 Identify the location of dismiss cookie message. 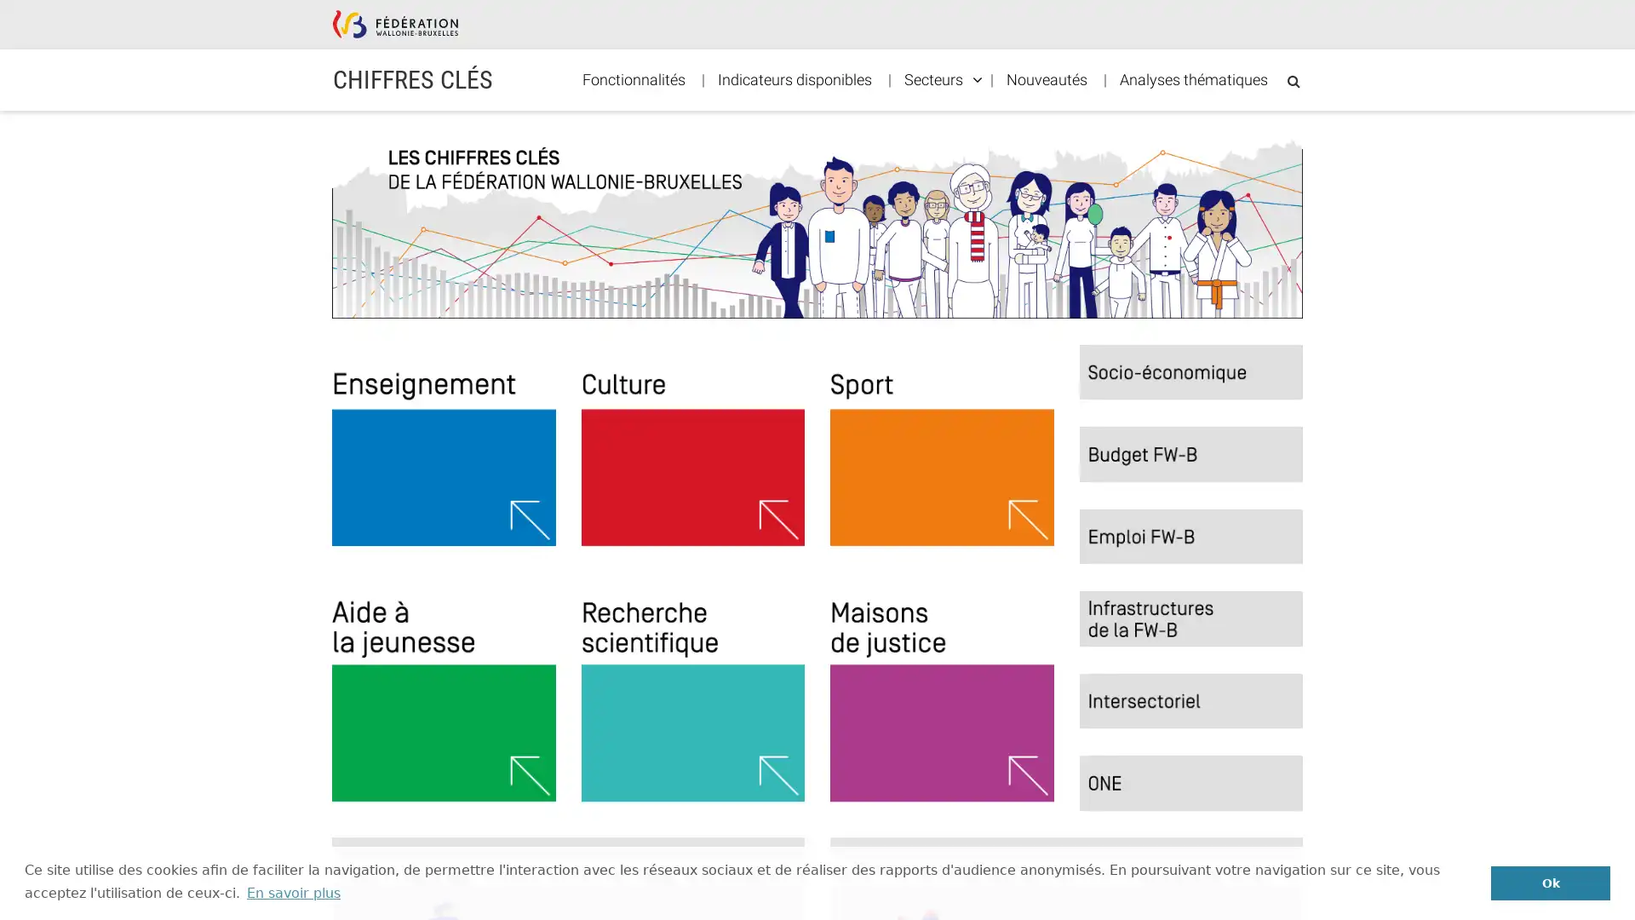
(1550, 882).